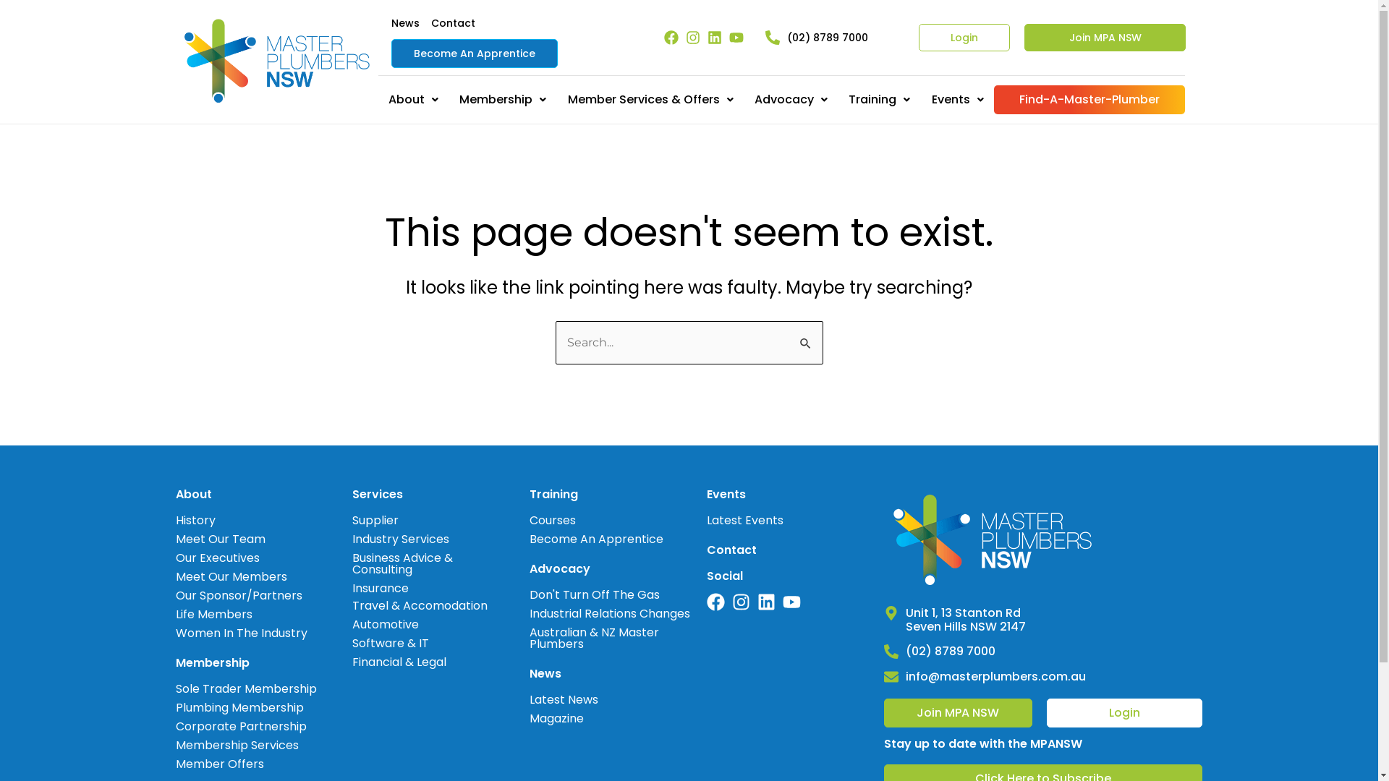  Describe the element at coordinates (708, 36) in the screenshot. I see `'Linkedin'` at that location.